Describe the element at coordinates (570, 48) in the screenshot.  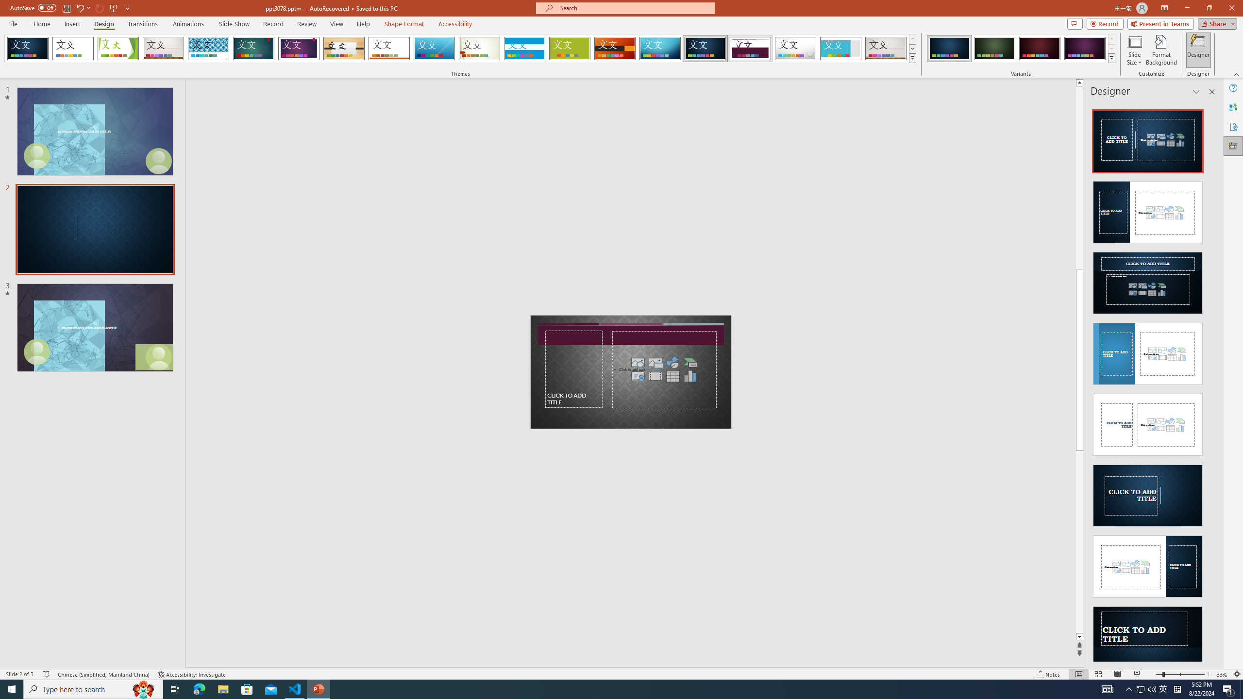
I see `'Basis'` at that location.